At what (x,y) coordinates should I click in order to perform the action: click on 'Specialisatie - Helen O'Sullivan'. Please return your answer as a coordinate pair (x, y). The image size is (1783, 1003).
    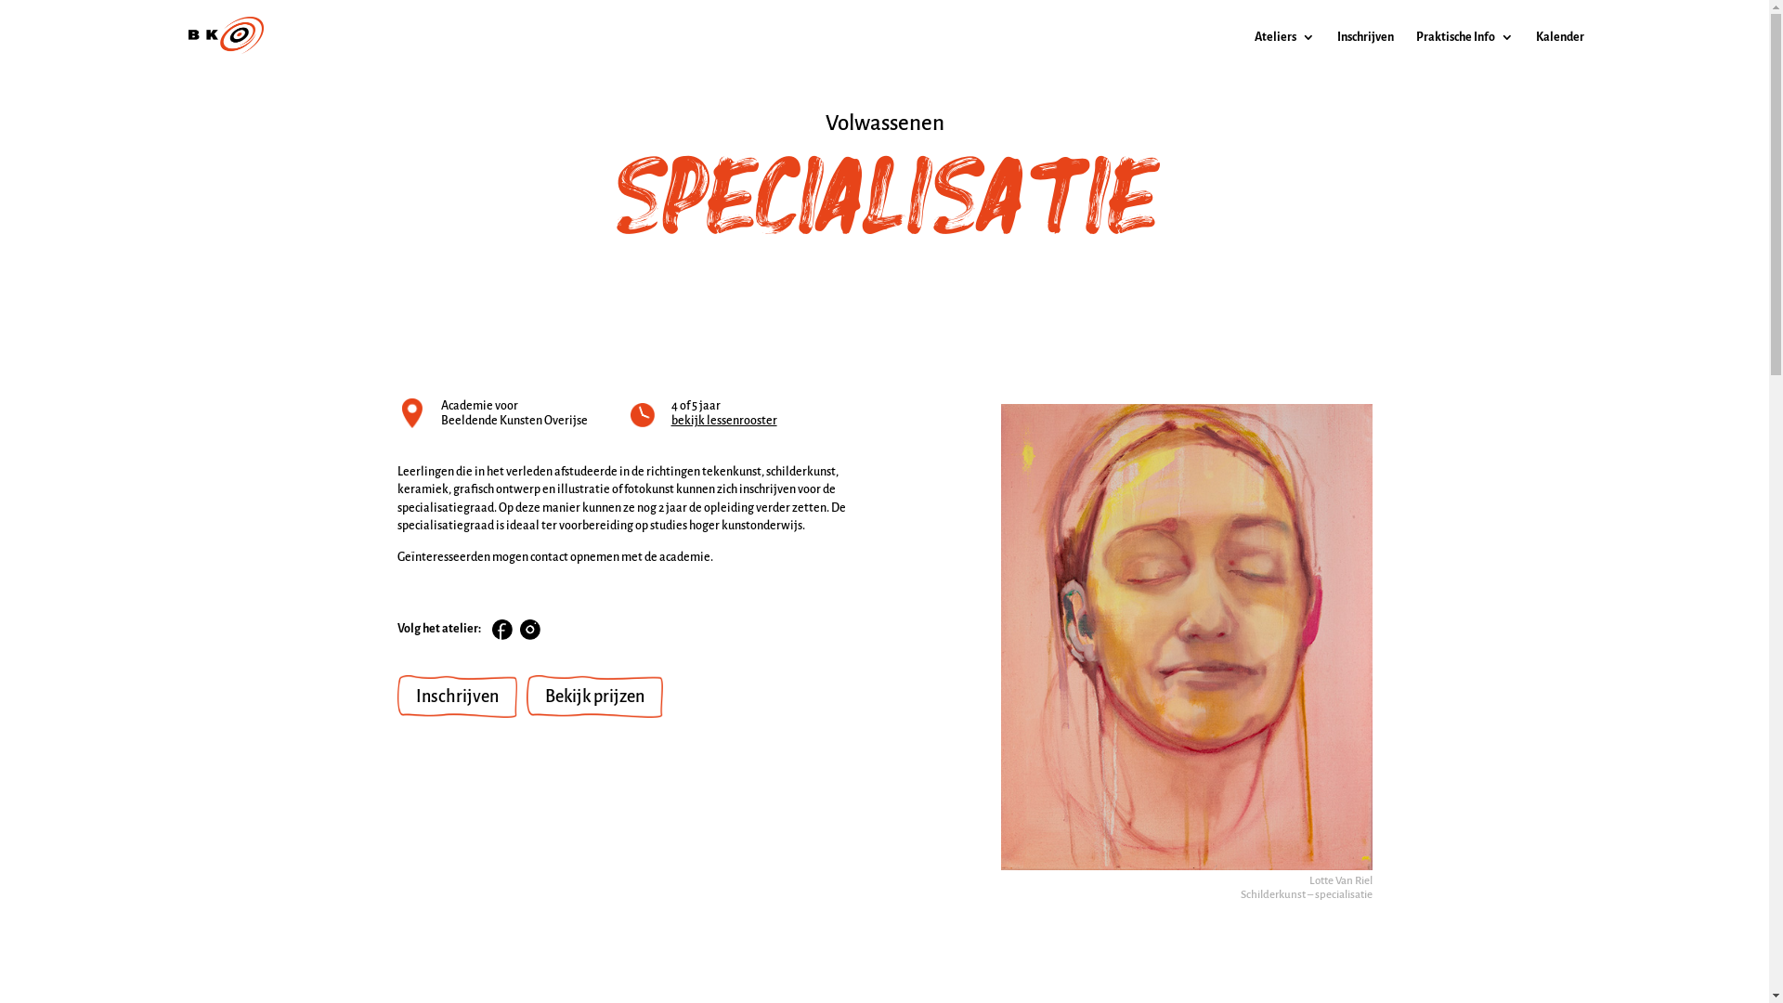
    Looking at the image, I should click on (1185, 635).